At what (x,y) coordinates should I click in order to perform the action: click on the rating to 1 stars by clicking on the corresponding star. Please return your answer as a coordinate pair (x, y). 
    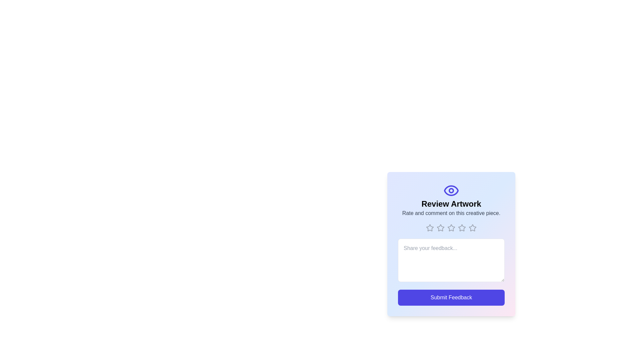
    Looking at the image, I should click on (430, 227).